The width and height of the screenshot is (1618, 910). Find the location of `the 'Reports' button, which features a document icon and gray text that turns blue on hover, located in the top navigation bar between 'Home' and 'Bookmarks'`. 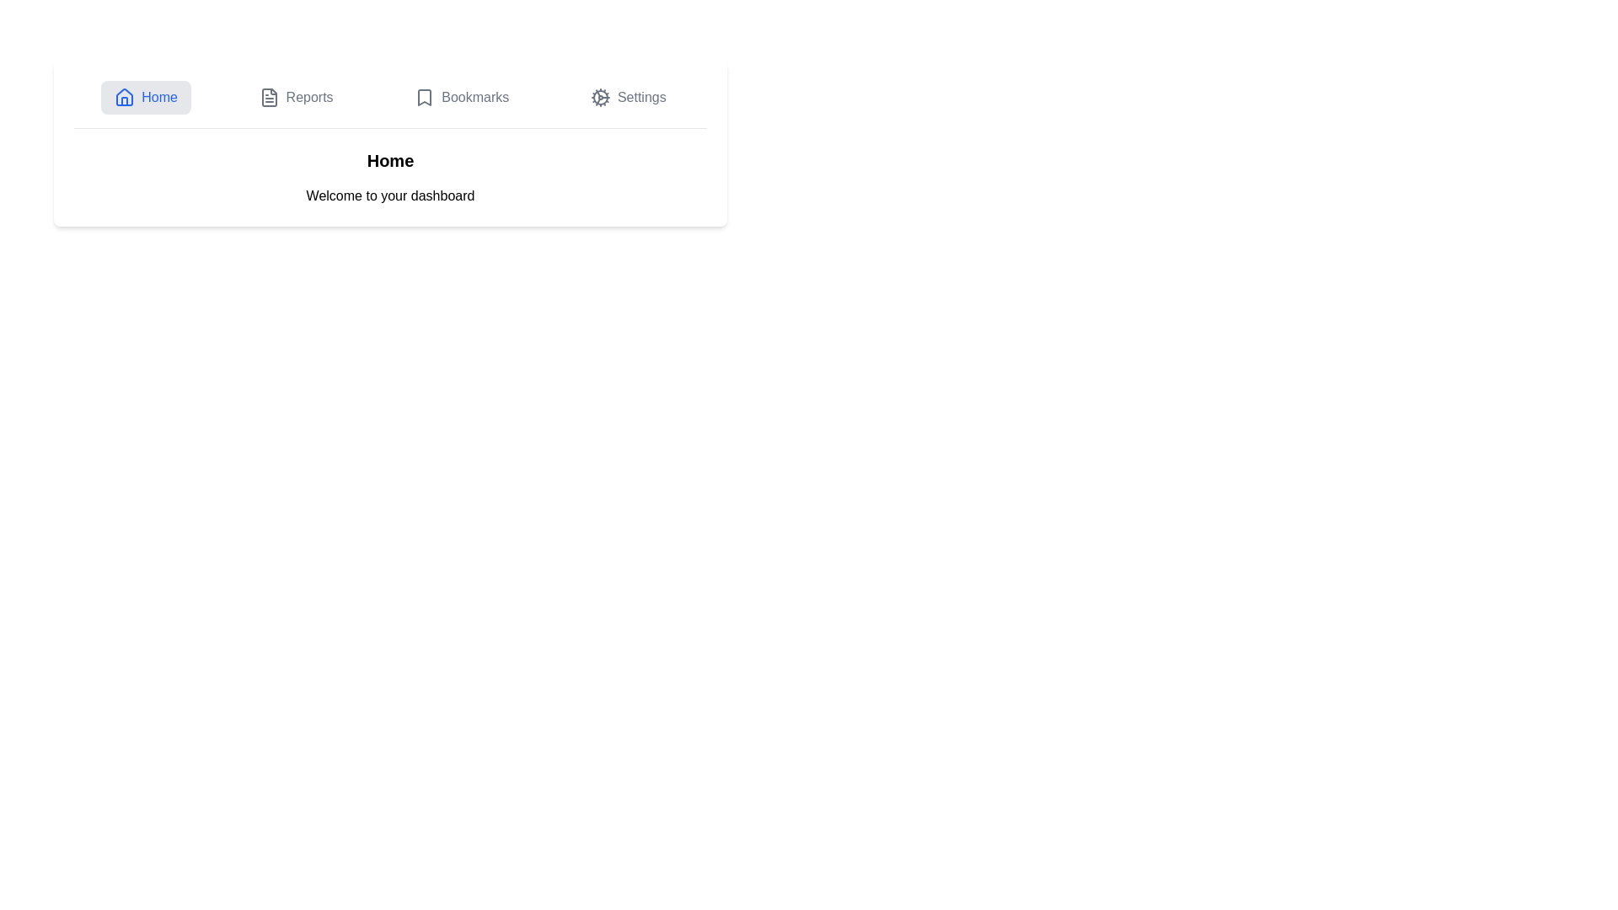

the 'Reports' button, which features a document icon and gray text that turns blue on hover, located in the top navigation bar between 'Home' and 'Bookmarks' is located at coordinates (296, 97).